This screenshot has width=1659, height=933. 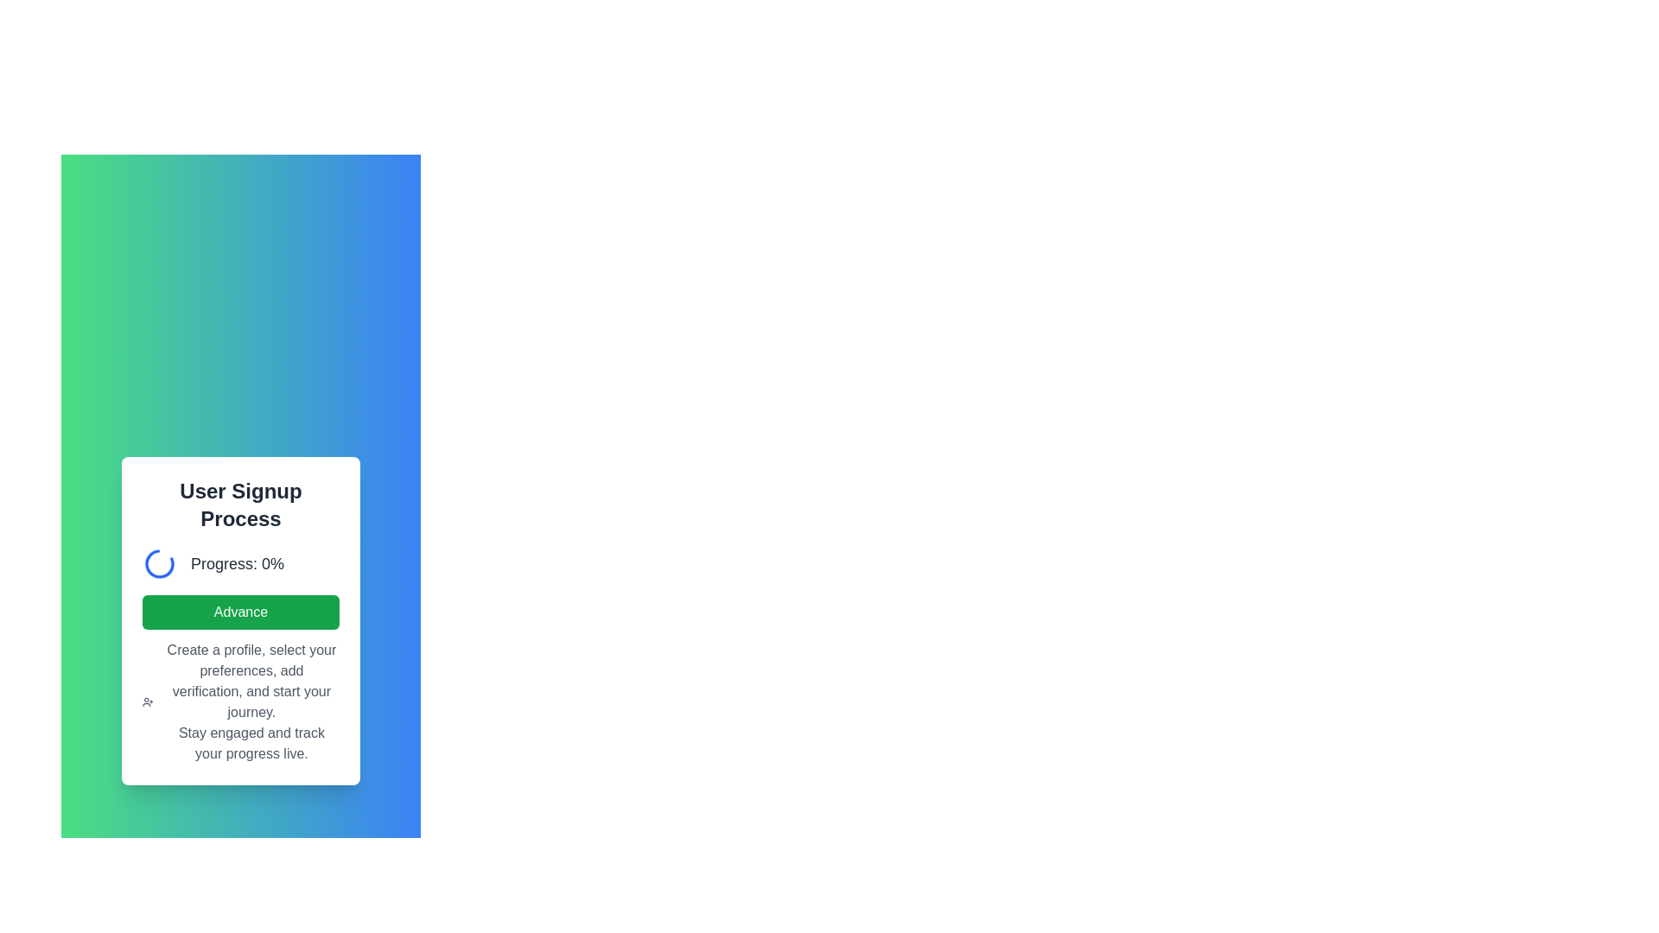 What do you see at coordinates (251, 681) in the screenshot?
I see `the text block that contains the sentence 'Create a profile, select your preferences, add verification, and start your journey.' which is positioned below the 'Advance' button and above another text block` at bounding box center [251, 681].